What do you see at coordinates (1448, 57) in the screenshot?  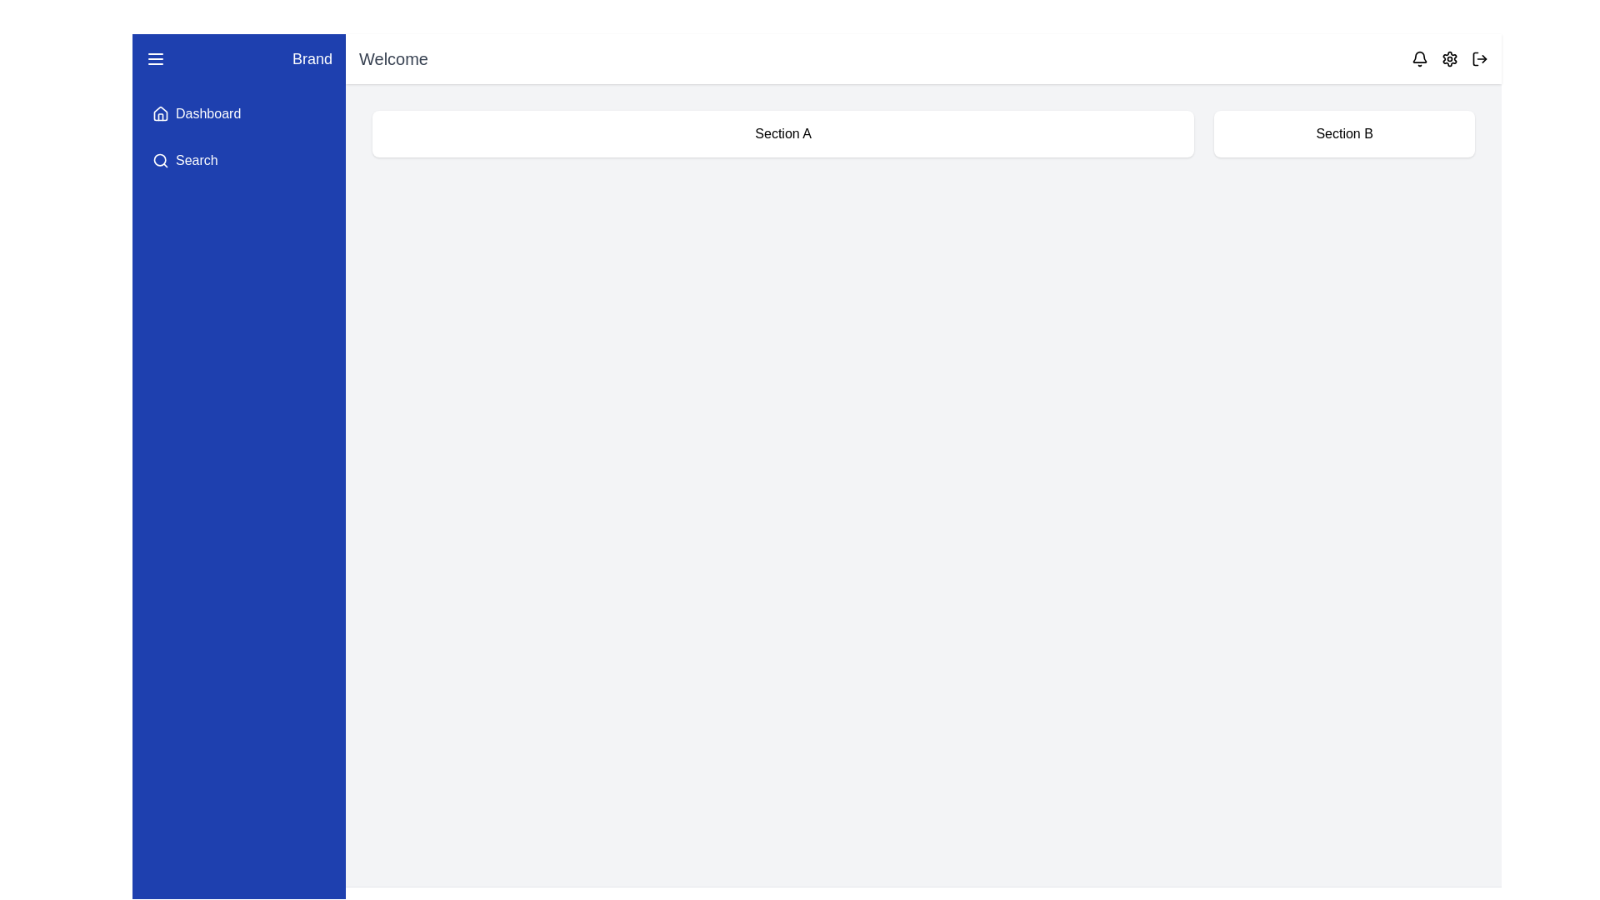 I see `the gear-shaped icon located in the upper-right corner of the interface` at bounding box center [1448, 57].